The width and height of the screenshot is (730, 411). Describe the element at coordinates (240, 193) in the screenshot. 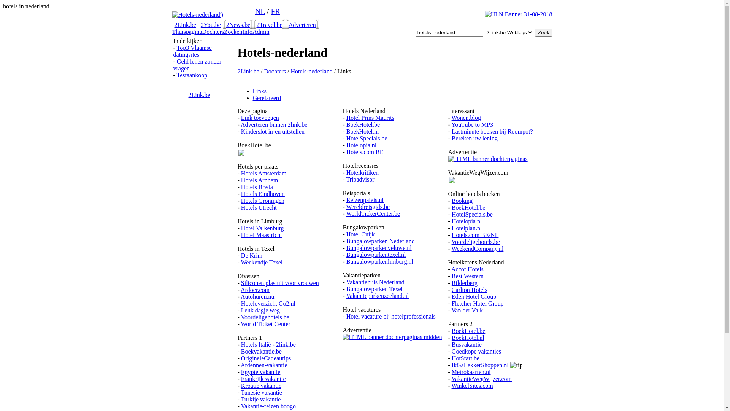

I see `'Hotels Eindhoven'` at that location.